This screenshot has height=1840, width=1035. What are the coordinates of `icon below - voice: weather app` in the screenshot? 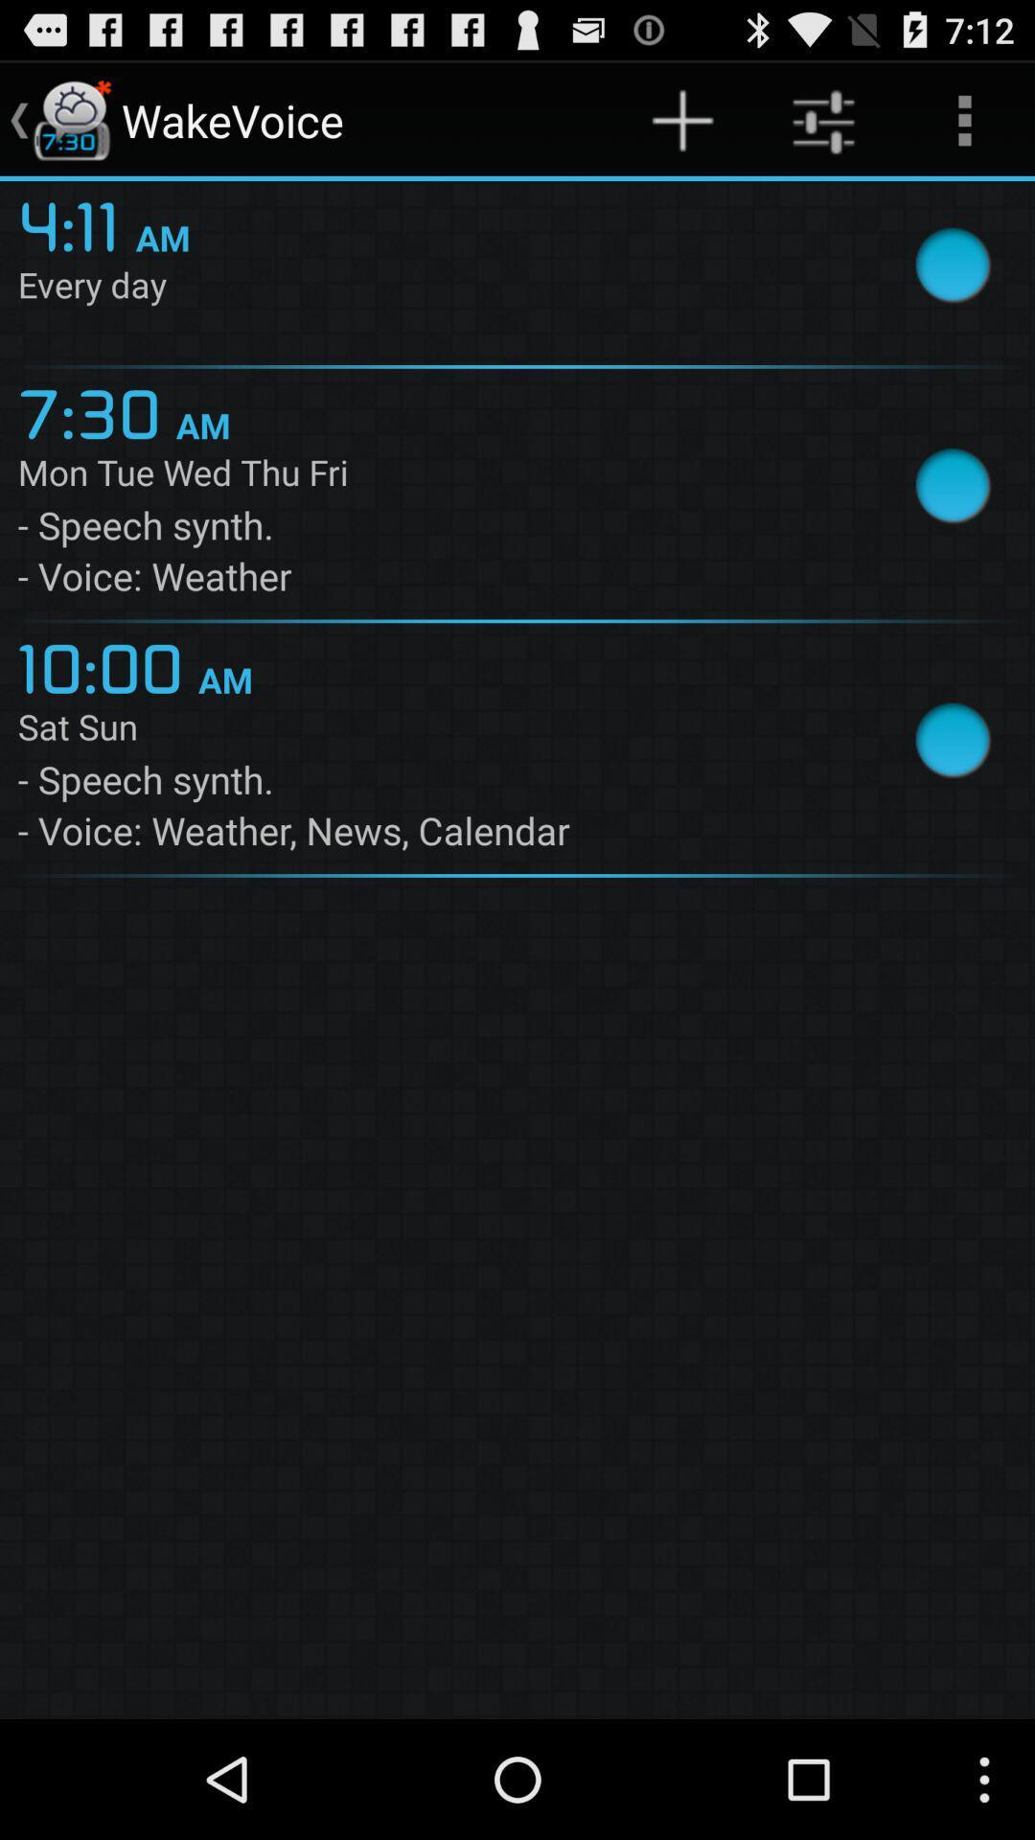 It's located at (107, 665).